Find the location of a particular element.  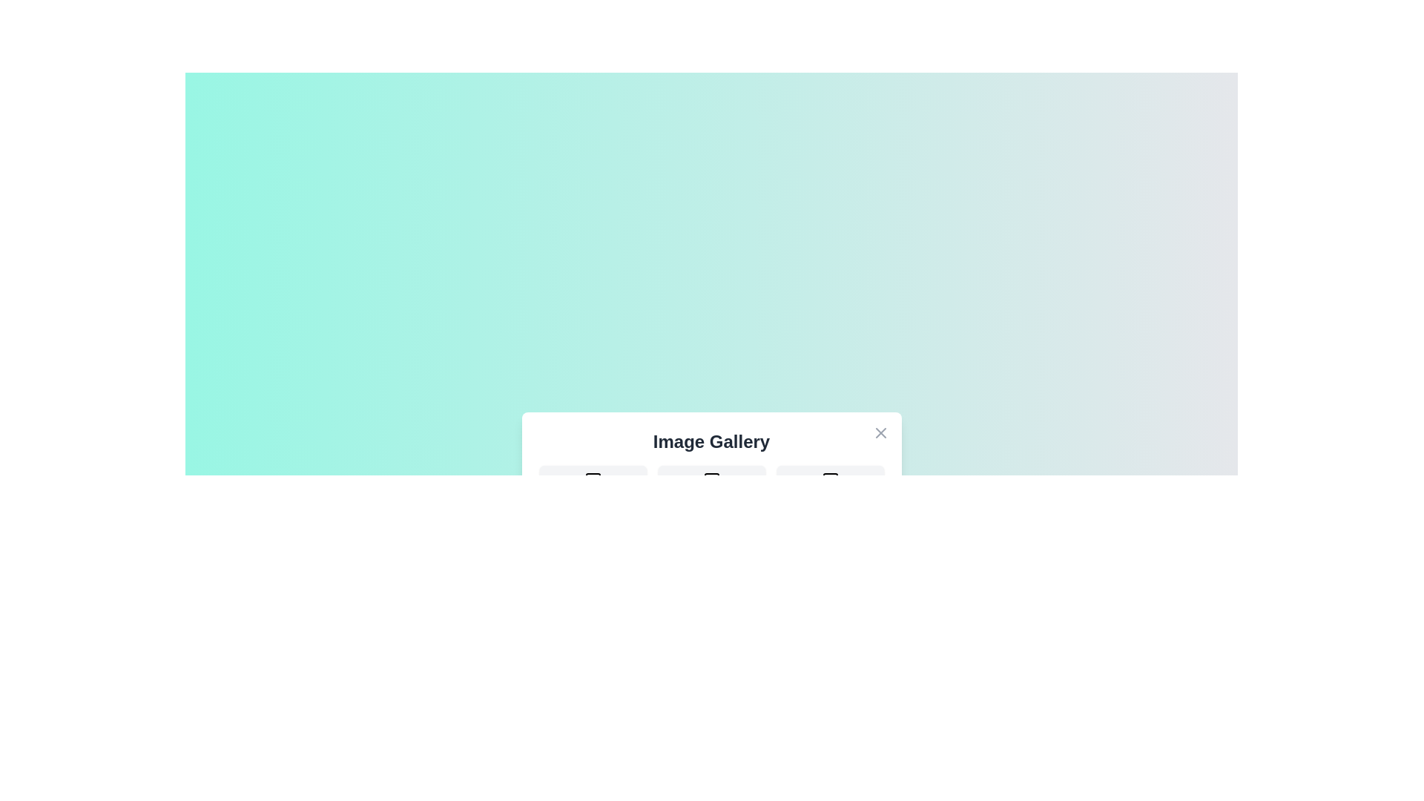

the image titled Cityscape from the gallery is located at coordinates (711, 491).